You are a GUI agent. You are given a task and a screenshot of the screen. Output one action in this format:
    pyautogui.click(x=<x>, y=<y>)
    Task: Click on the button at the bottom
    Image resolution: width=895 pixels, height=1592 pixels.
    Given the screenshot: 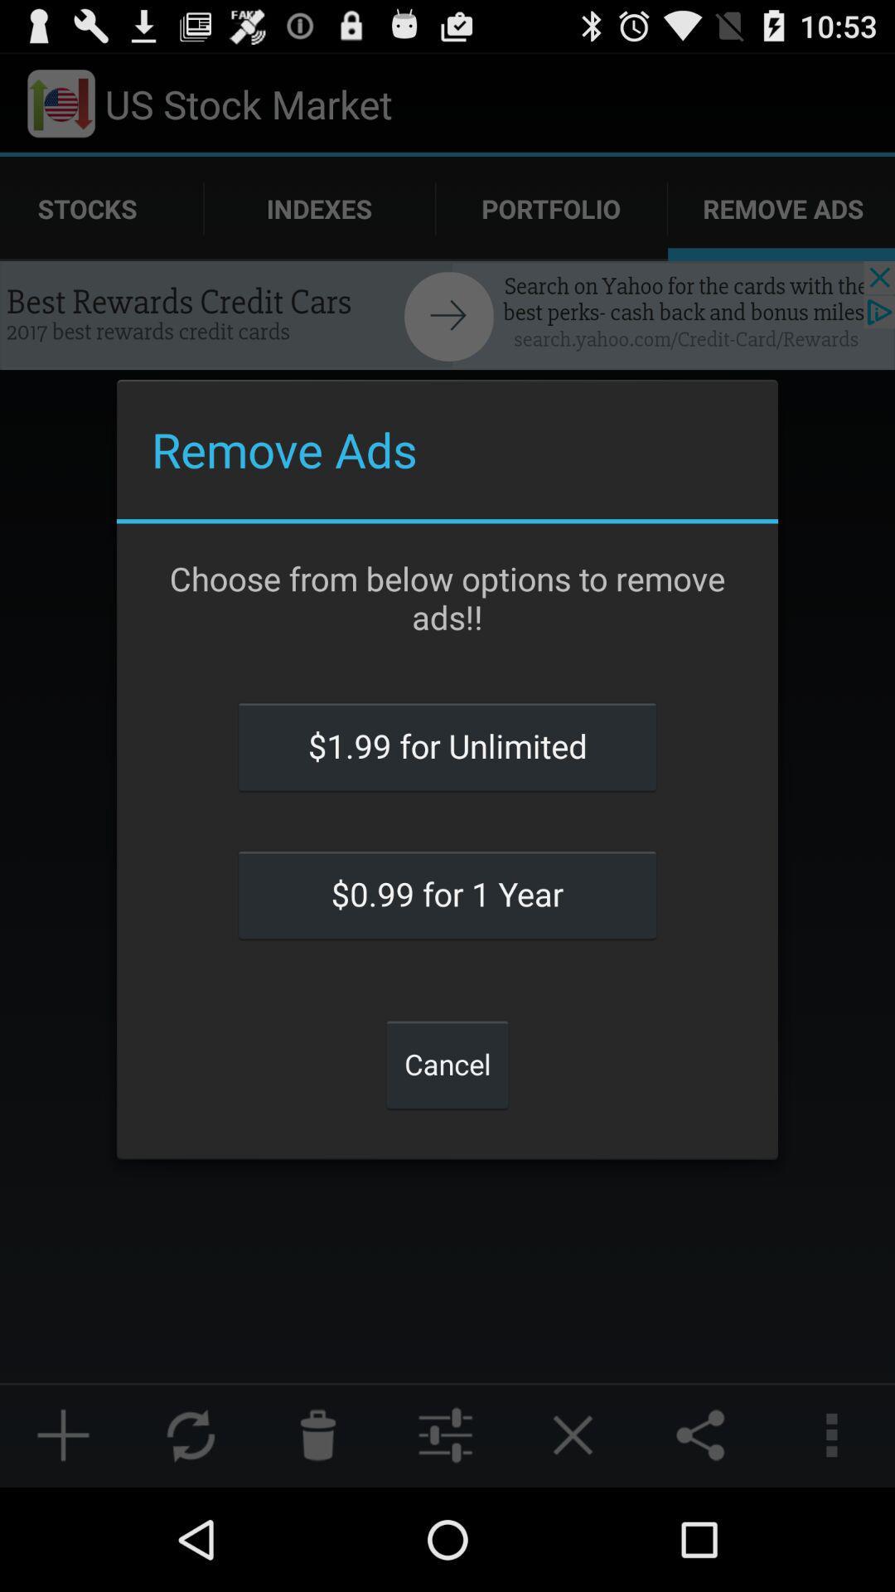 What is the action you would take?
    pyautogui.click(x=447, y=1064)
    